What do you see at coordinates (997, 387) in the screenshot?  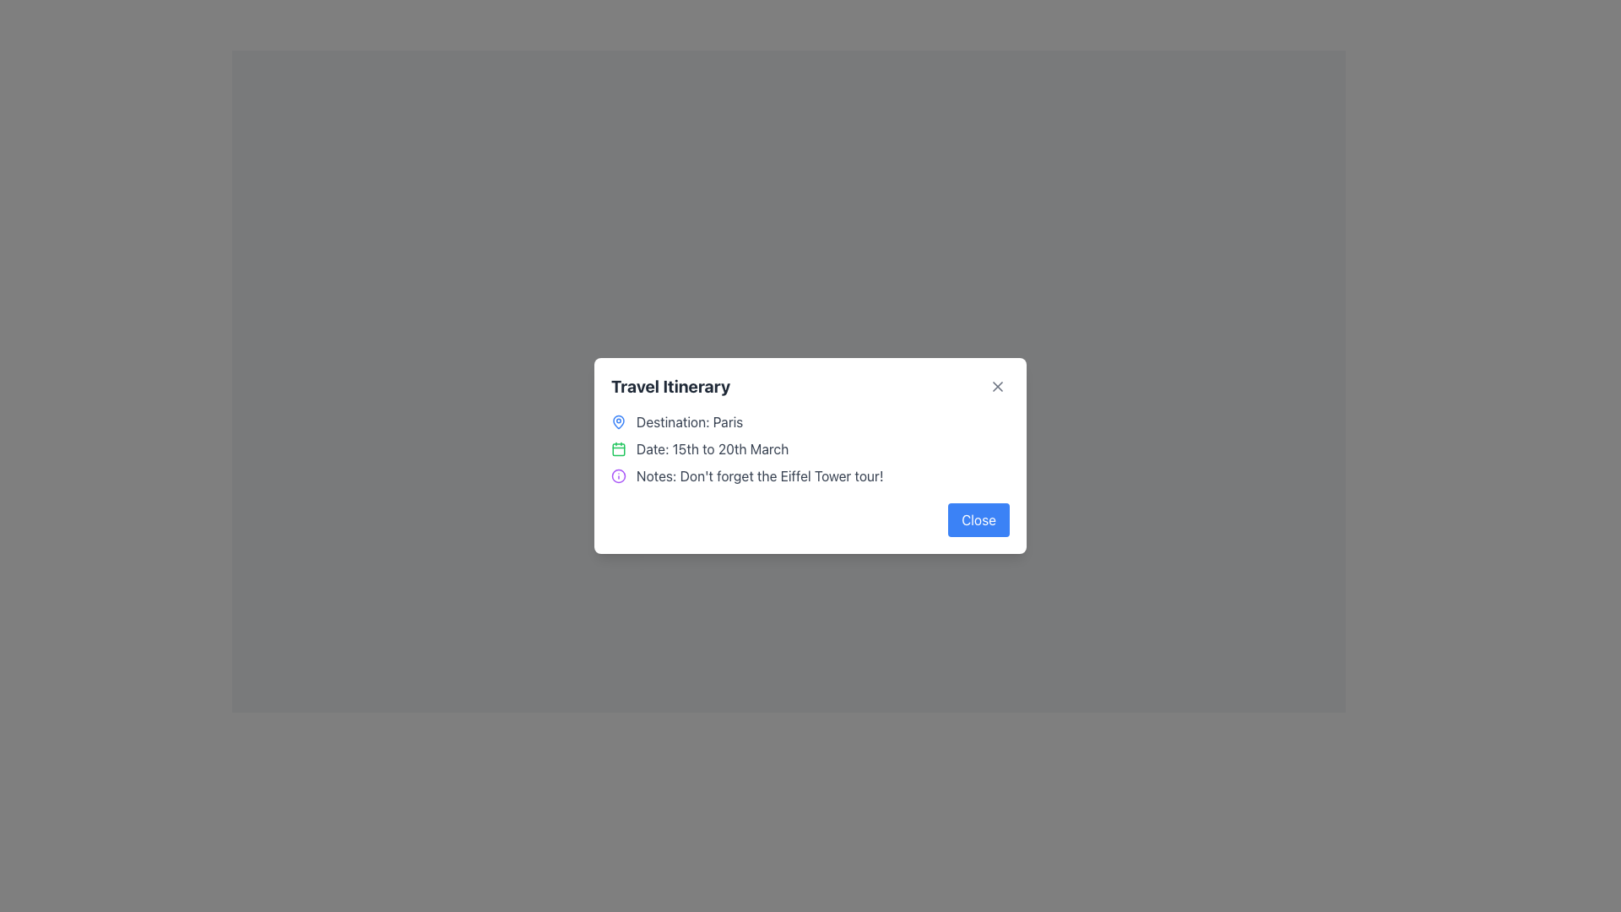 I see `the close icon in the top-right corner of the 'Travel Itinerary' dialog box` at bounding box center [997, 387].